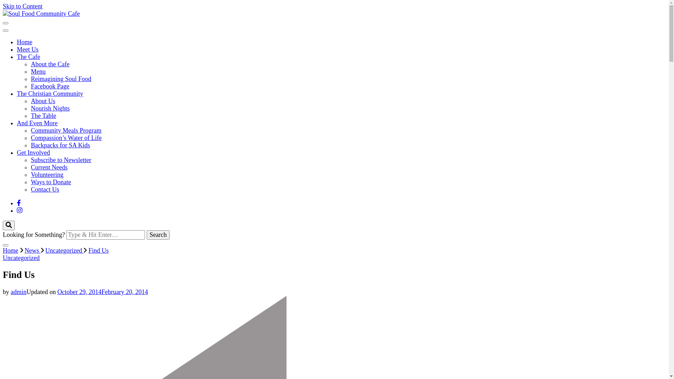 Image resolution: width=674 pixels, height=379 pixels. Describe the element at coordinates (45, 250) in the screenshot. I see `'Uncategorized'` at that location.